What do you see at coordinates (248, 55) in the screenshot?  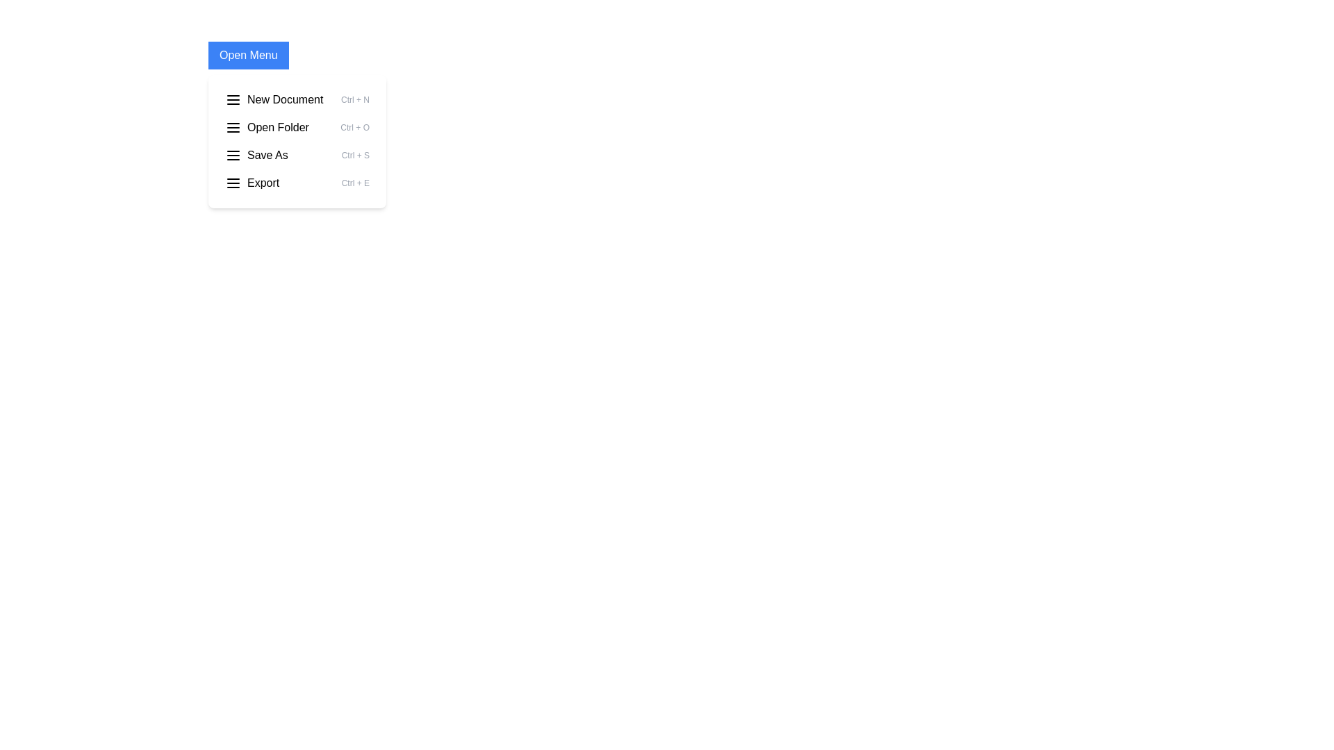 I see `the 'Open Menu' button, which is a rectangular button with rounded corners and a blue background` at bounding box center [248, 55].